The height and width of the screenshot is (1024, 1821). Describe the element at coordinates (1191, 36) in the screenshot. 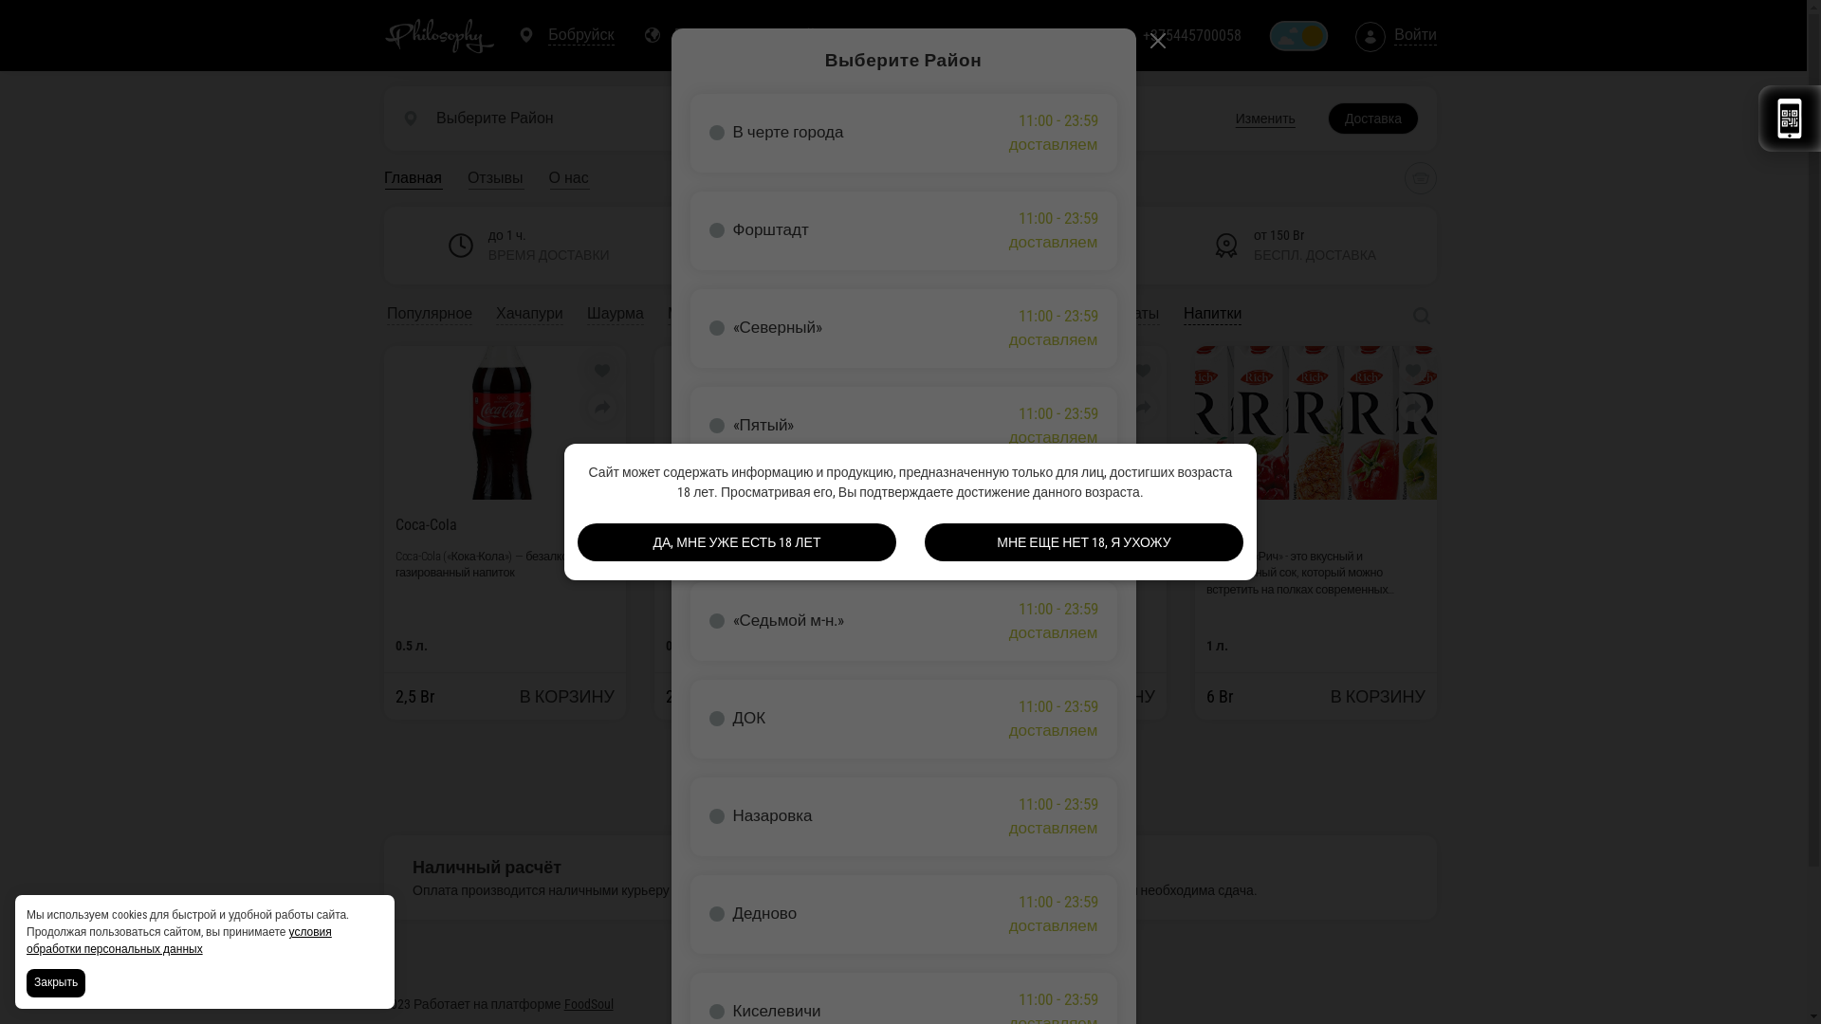

I see `'+375445700058'` at that location.